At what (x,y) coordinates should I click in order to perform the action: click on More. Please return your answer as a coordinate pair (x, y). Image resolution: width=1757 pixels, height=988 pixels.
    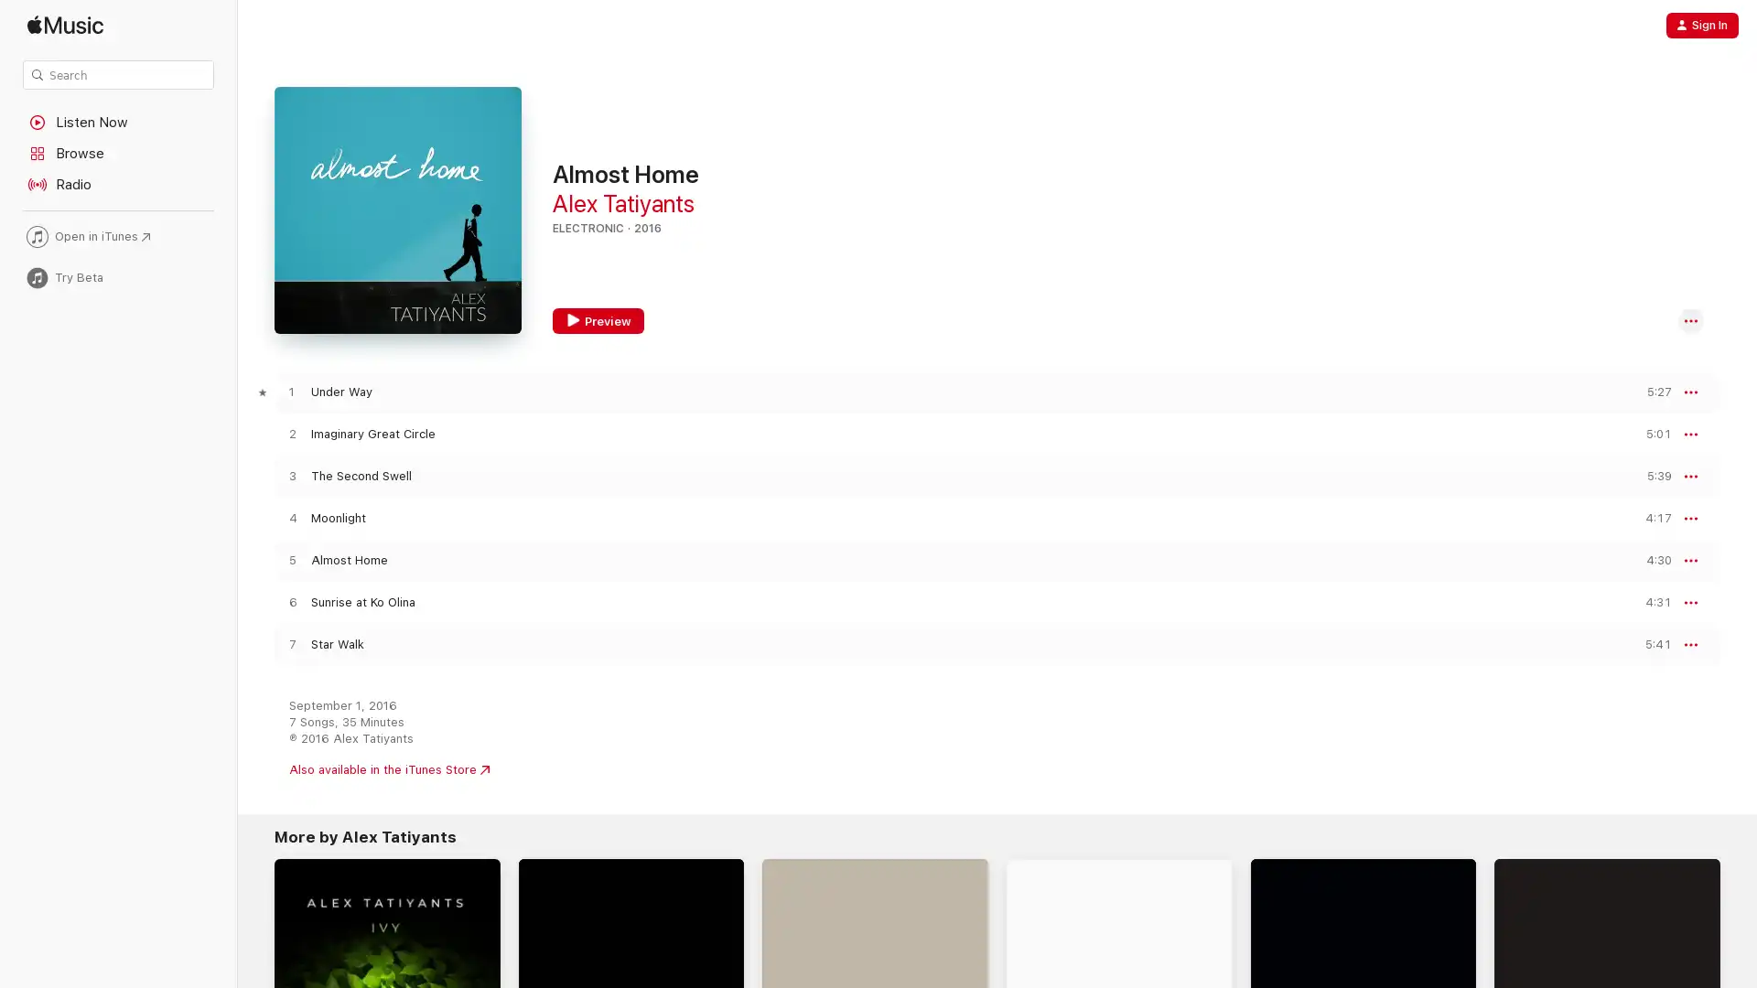
    Looking at the image, I should click on (1690, 603).